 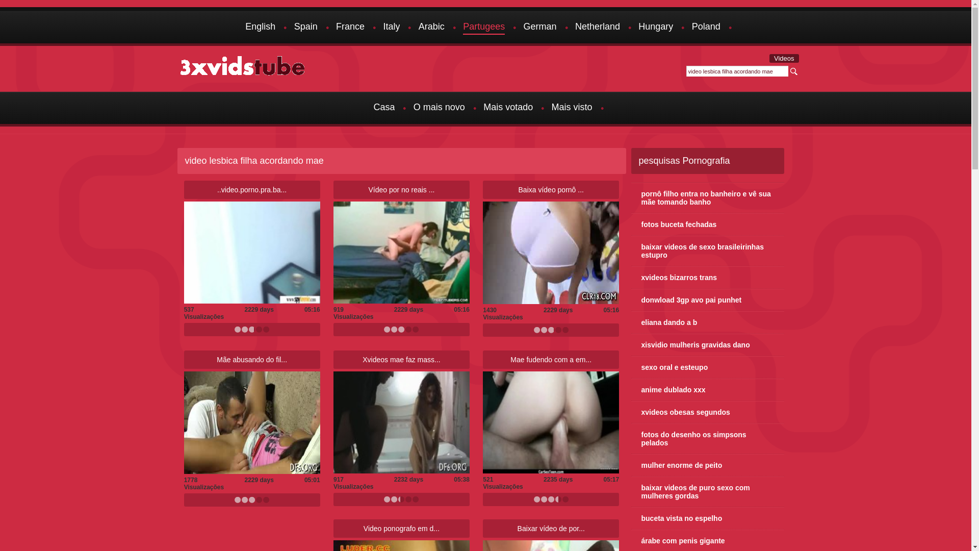 What do you see at coordinates (706, 27) in the screenshot?
I see `'Poland'` at bounding box center [706, 27].